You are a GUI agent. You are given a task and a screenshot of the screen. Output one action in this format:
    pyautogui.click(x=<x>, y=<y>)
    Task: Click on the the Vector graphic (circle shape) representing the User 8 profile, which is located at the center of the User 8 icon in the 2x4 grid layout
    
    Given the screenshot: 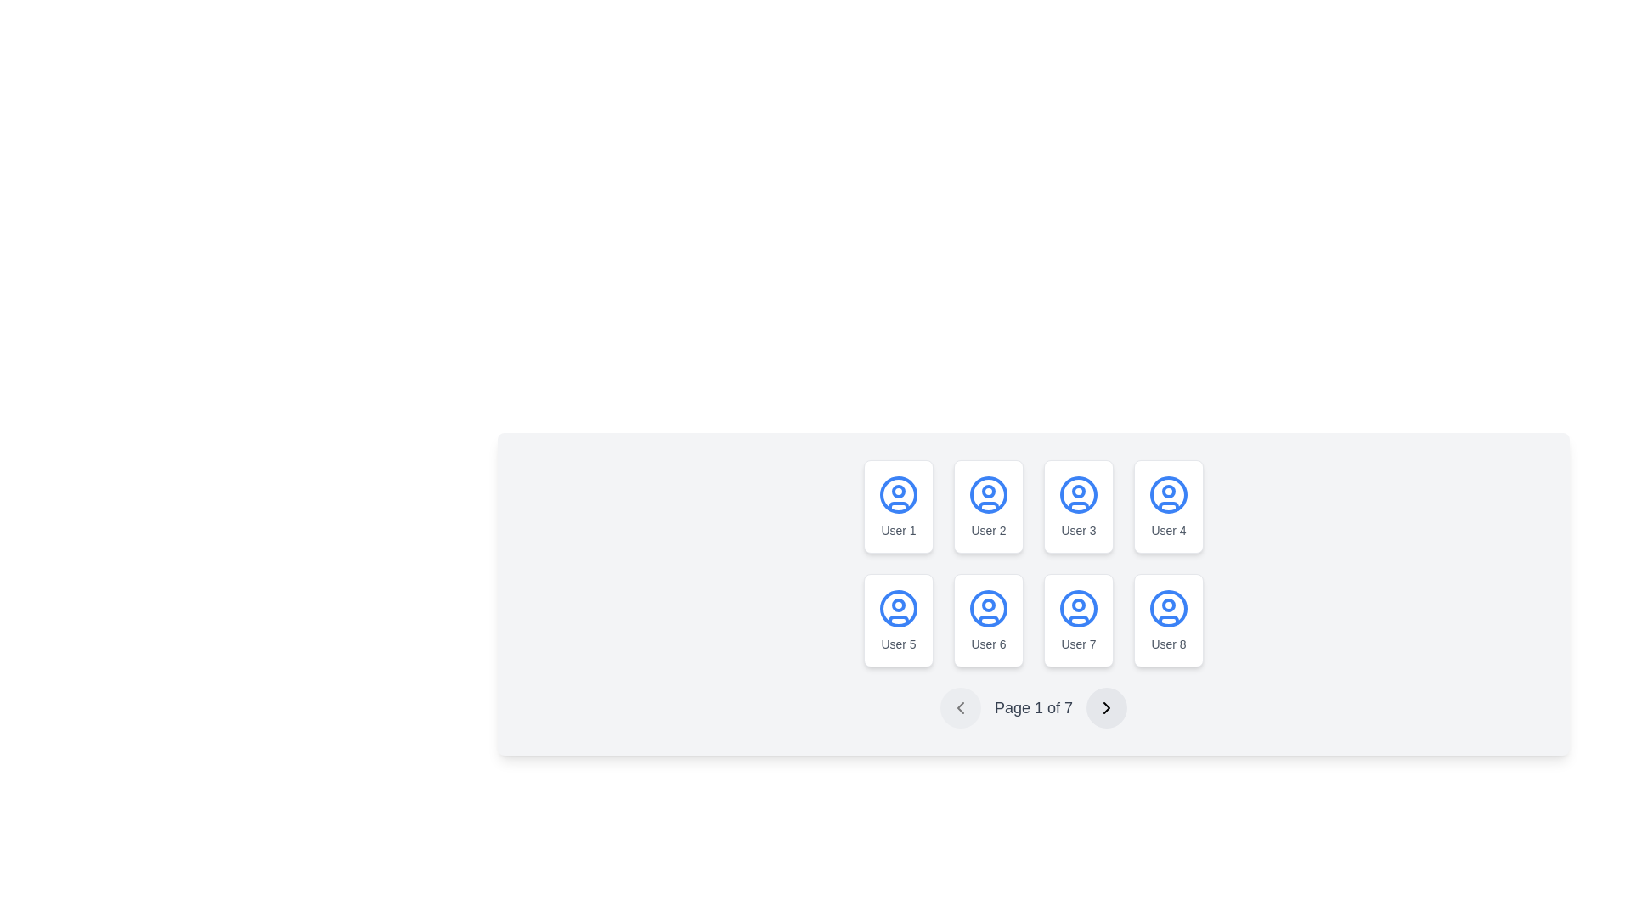 What is the action you would take?
    pyautogui.click(x=1168, y=608)
    